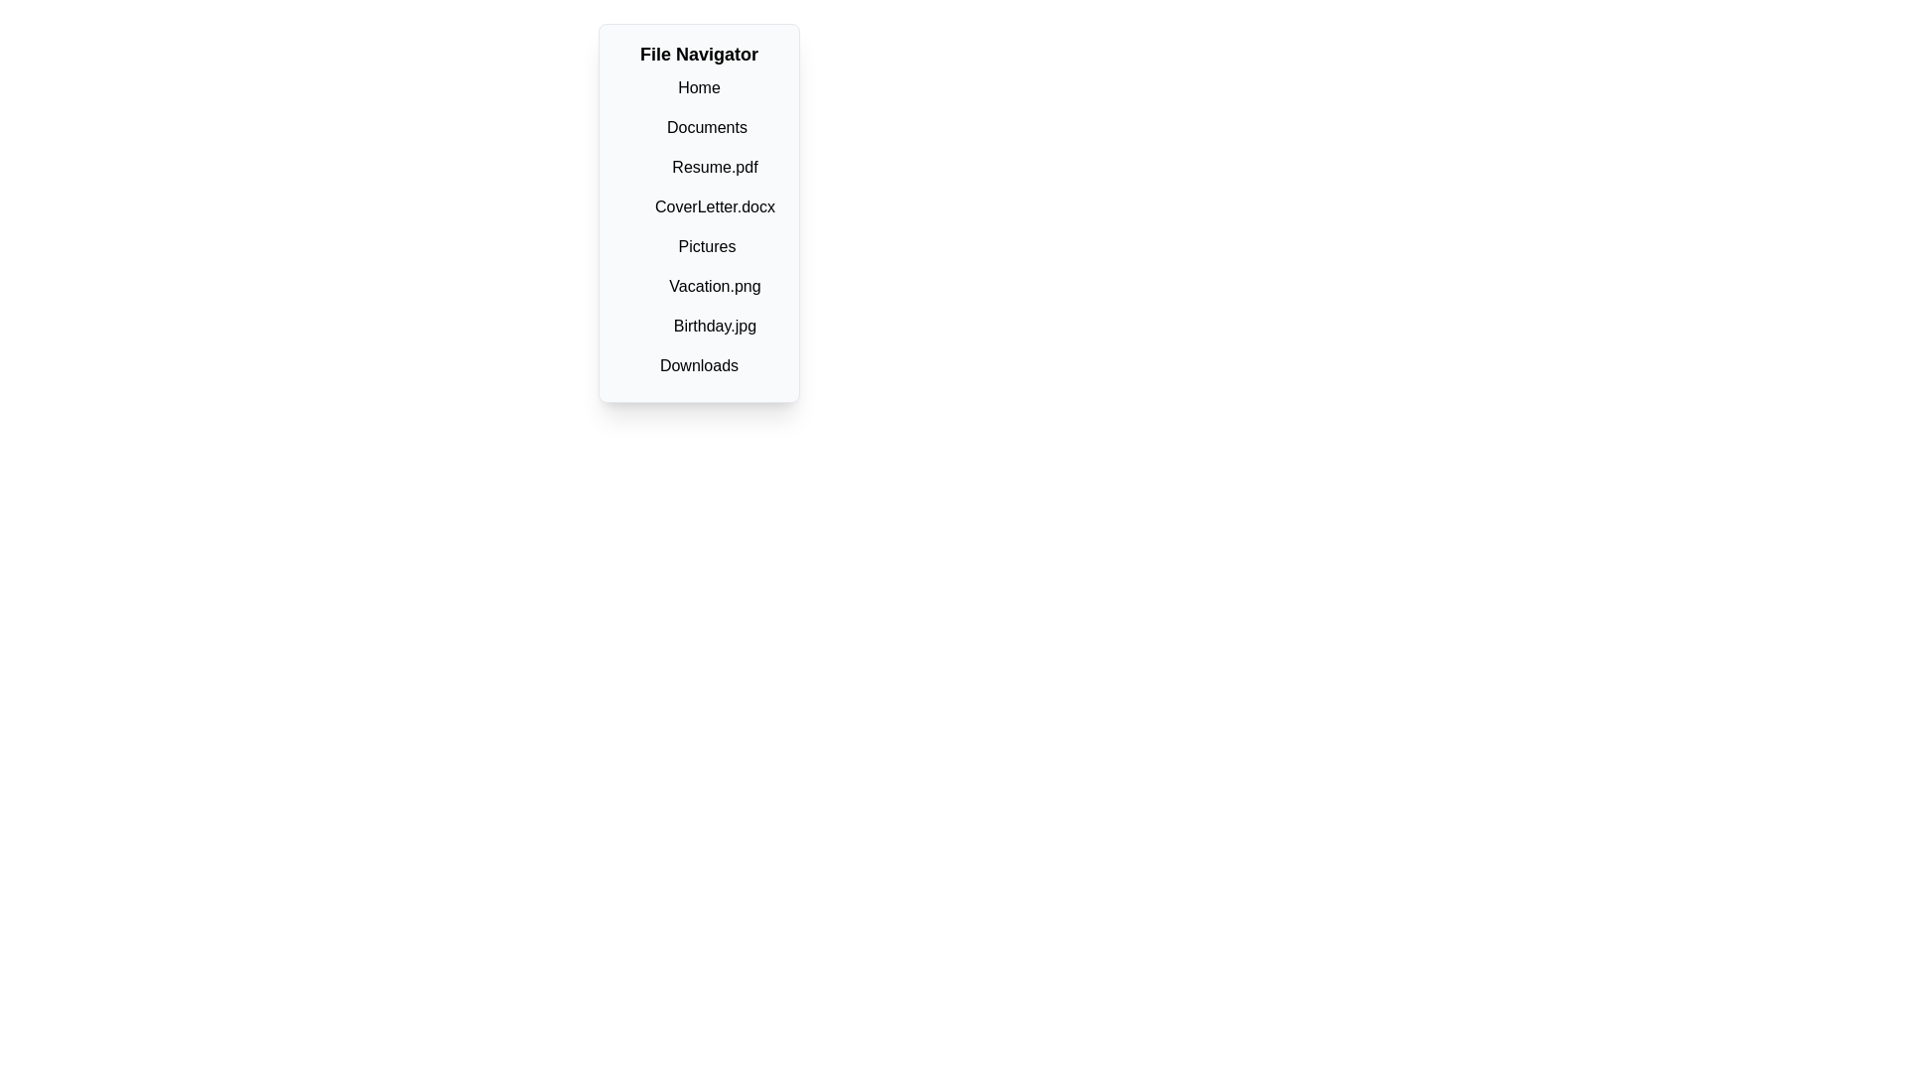  I want to click on the text label 'Birthday.jpg' in the File Navigator list, which is the sixth item in the selectable list, so click(715, 325).